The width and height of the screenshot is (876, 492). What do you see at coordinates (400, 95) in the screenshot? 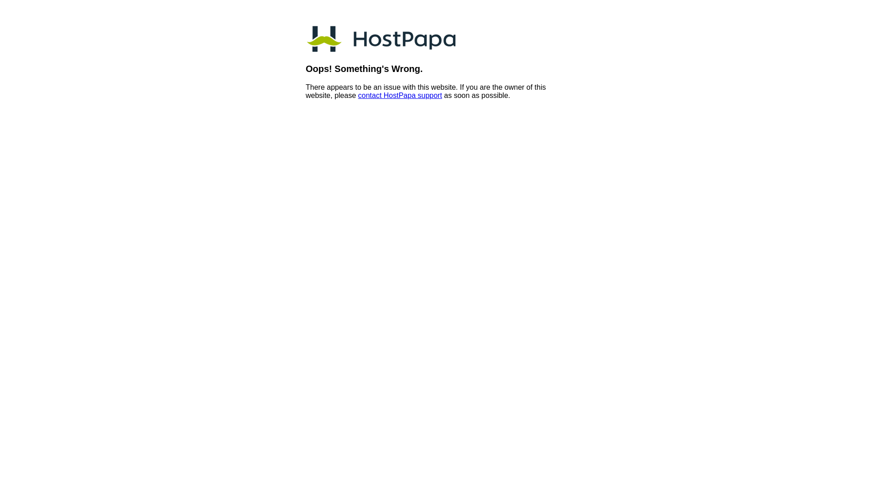
I see `'contact HostPapa support'` at bounding box center [400, 95].